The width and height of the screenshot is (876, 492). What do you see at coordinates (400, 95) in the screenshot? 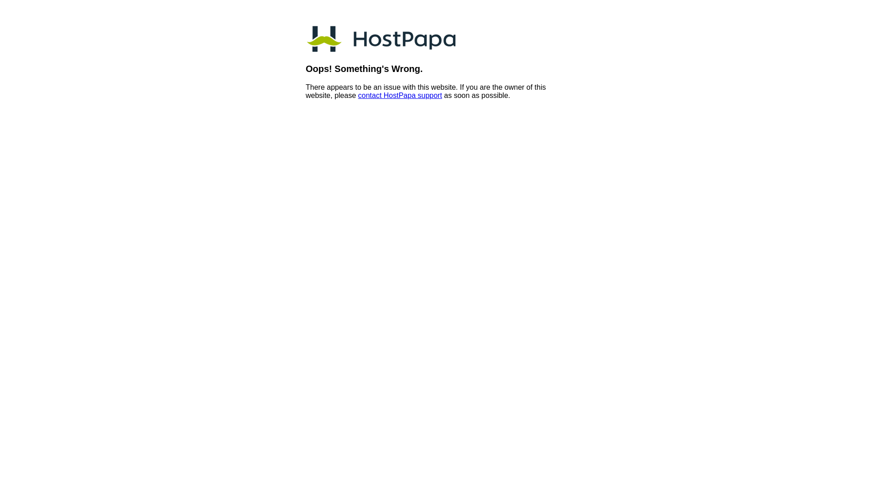
I see `'contact HostPapa support'` at bounding box center [400, 95].